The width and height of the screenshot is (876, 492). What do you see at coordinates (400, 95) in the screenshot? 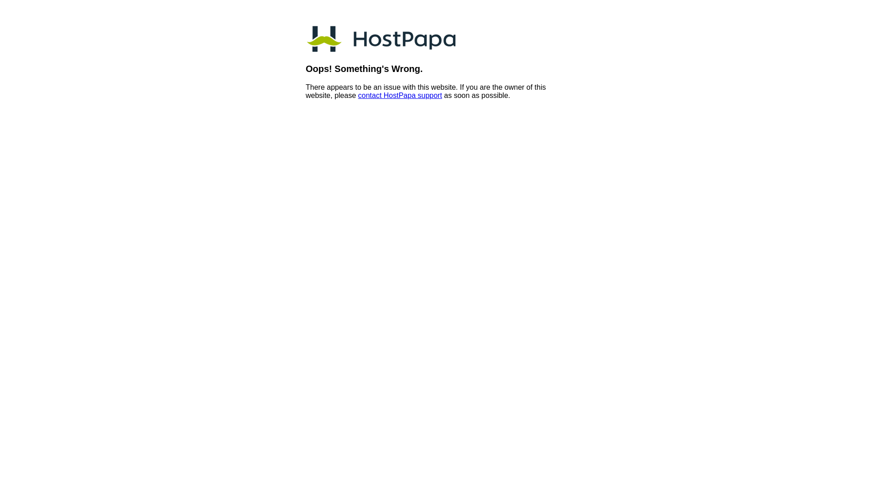
I see `'contact HostPapa support'` at bounding box center [400, 95].